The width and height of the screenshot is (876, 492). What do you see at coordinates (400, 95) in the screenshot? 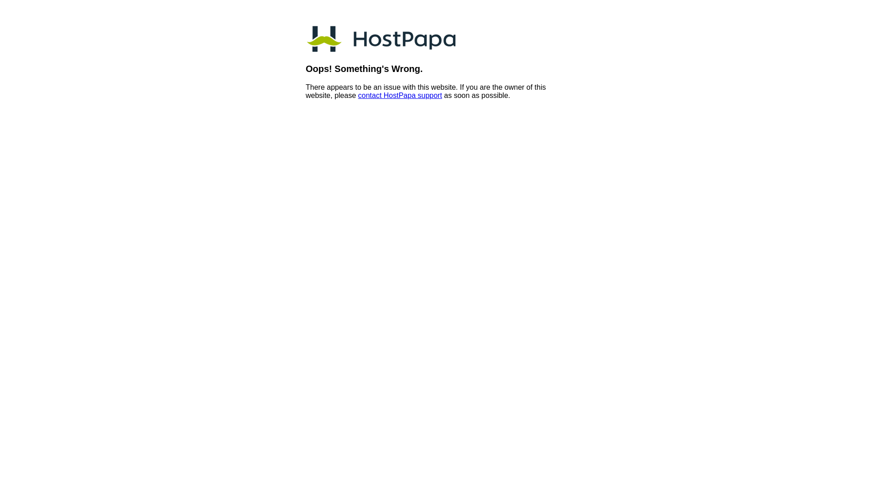
I see `'contact HostPapa support'` at bounding box center [400, 95].